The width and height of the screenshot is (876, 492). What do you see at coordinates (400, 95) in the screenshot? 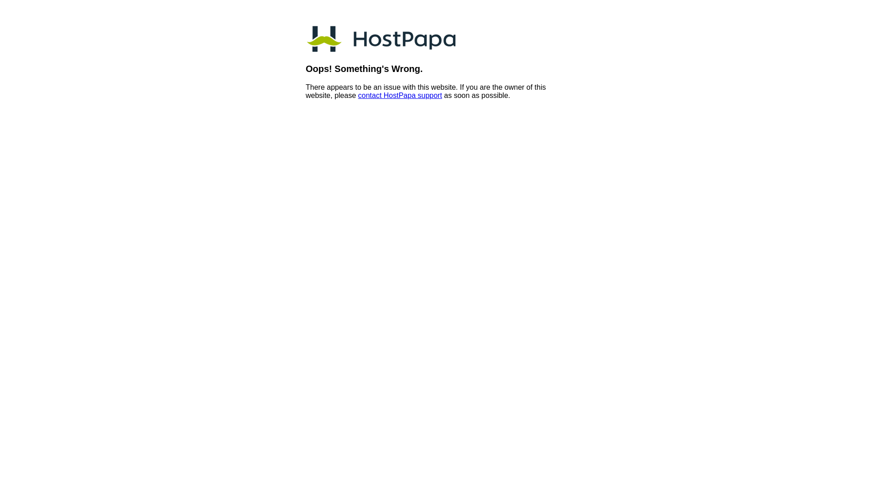
I see `'contact HostPapa support'` at bounding box center [400, 95].